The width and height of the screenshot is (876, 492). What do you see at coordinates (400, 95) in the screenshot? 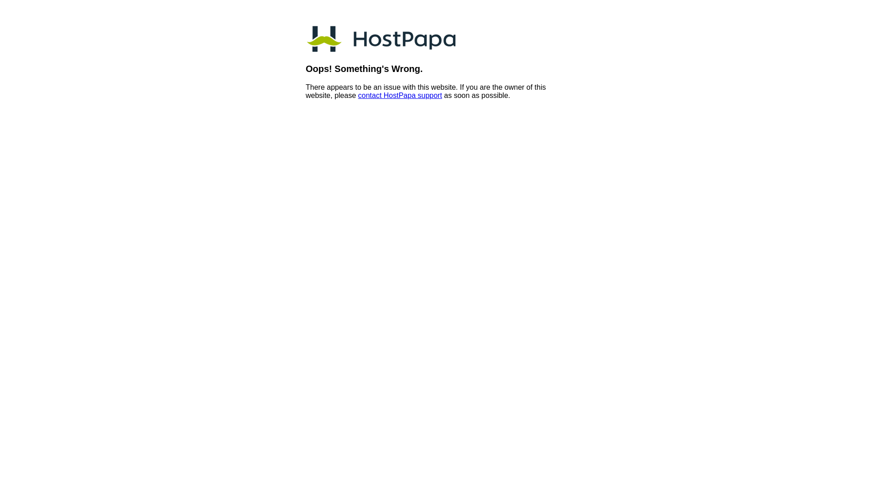
I see `'contact HostPapa support'` at bounding box center [400, 95].